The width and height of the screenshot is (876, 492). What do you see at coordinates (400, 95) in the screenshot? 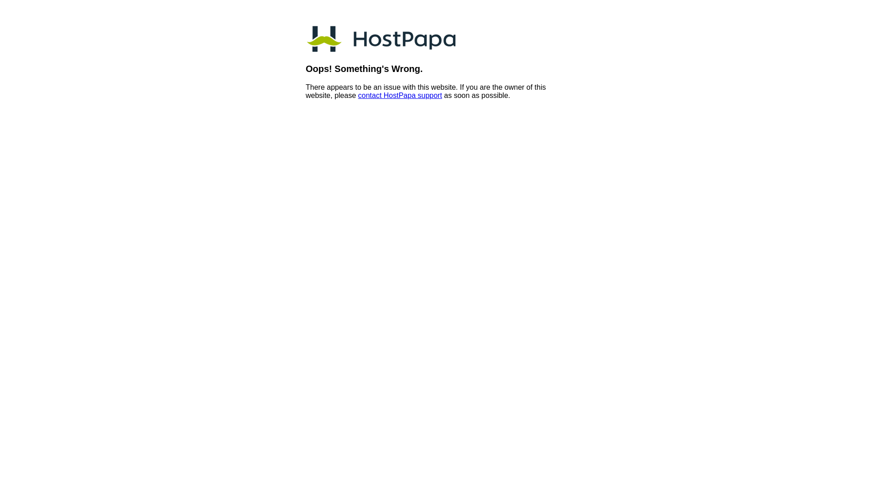
I see `'contact HostPapa support'` at bounding box center [400, 95].